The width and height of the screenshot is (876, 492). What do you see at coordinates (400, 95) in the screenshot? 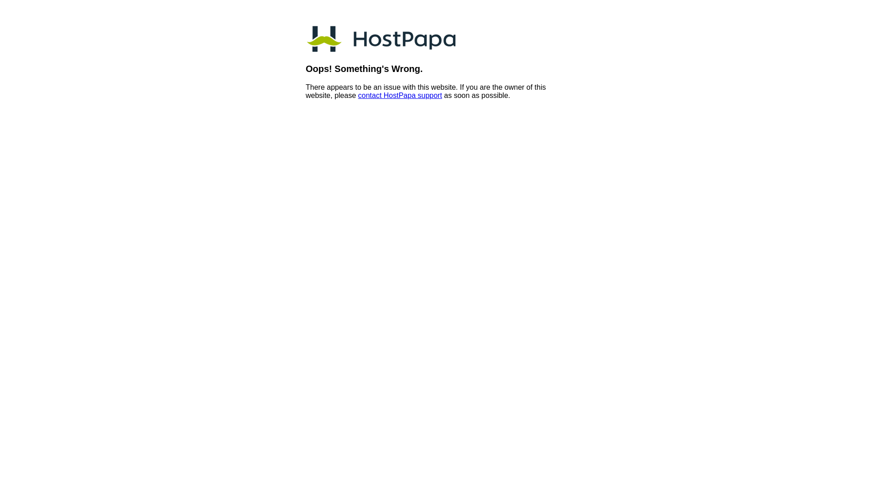
I see `'contact HostPapa support'` at bounding box center [400, 95].